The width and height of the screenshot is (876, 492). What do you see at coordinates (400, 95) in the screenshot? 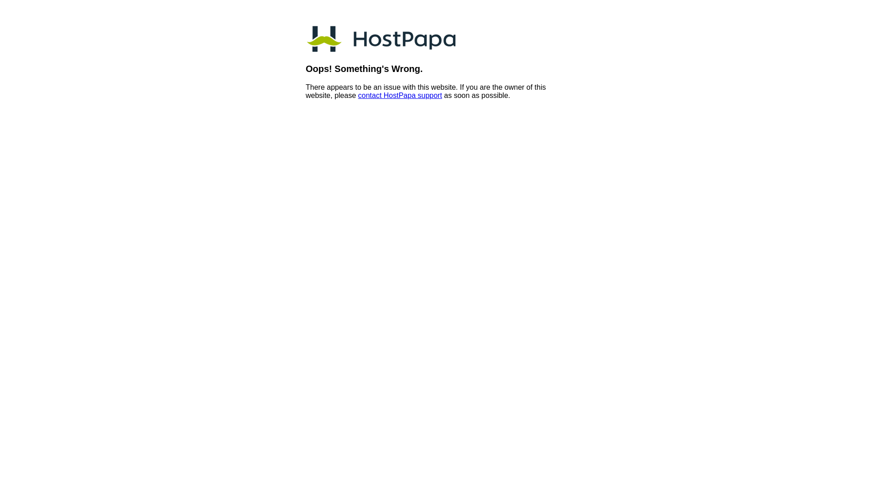
I see `'contact HostPapa support'` at bounding box center [400, 95].